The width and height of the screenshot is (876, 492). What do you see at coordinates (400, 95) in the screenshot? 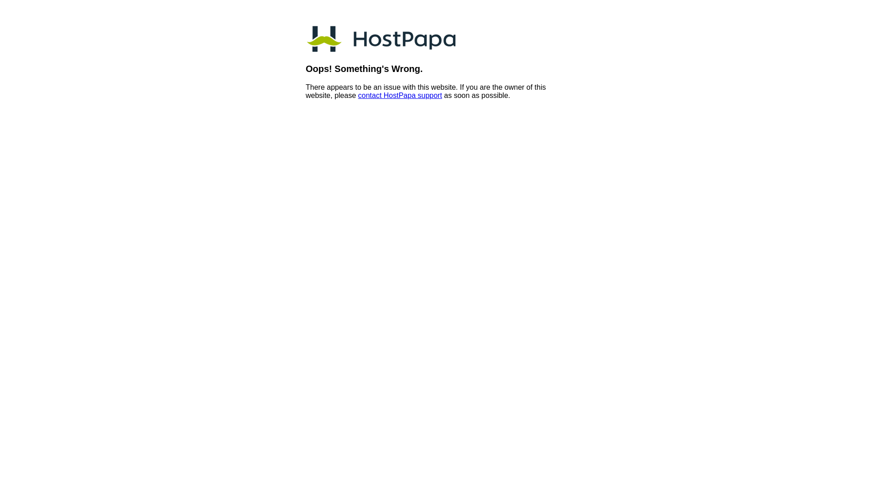
I see `'contact HostPapa support'` at bounding box center [400, 95].